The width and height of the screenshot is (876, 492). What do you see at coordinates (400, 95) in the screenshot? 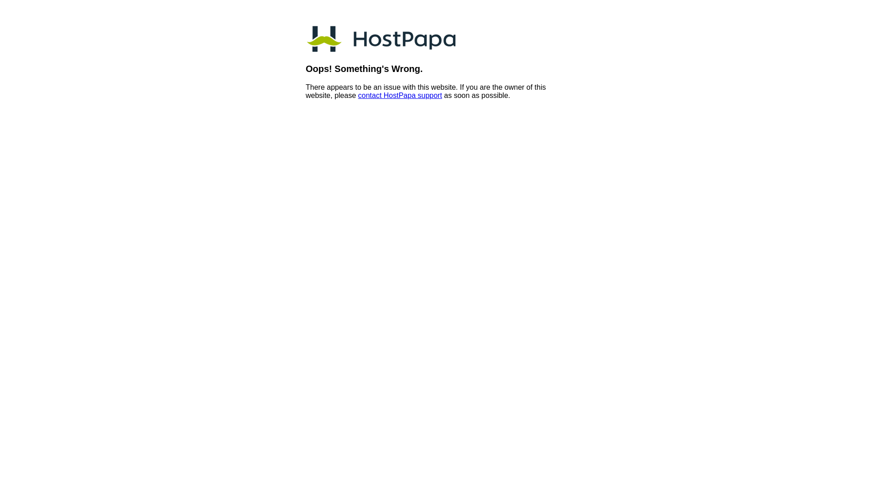
I see `'contact HostPapa support'` at bounding box center [400, 95].